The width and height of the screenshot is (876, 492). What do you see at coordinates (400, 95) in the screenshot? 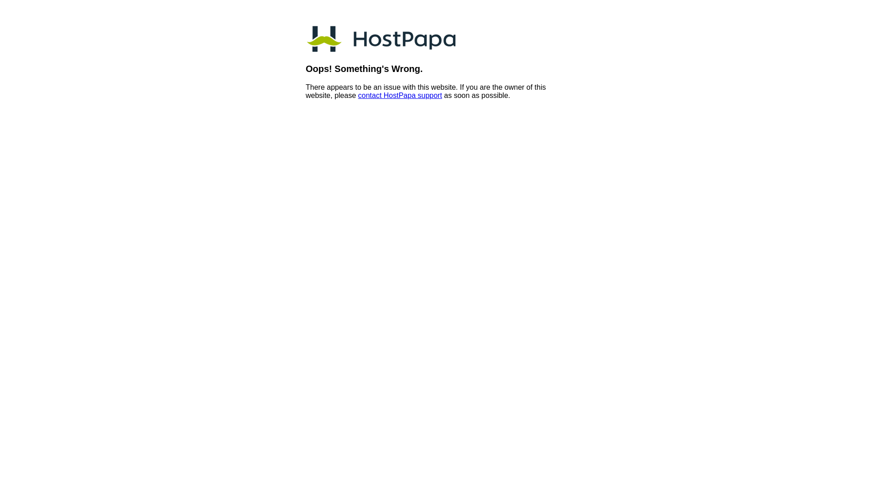
I see `'contact HostPapa support'` at bounding box center [400, 95].